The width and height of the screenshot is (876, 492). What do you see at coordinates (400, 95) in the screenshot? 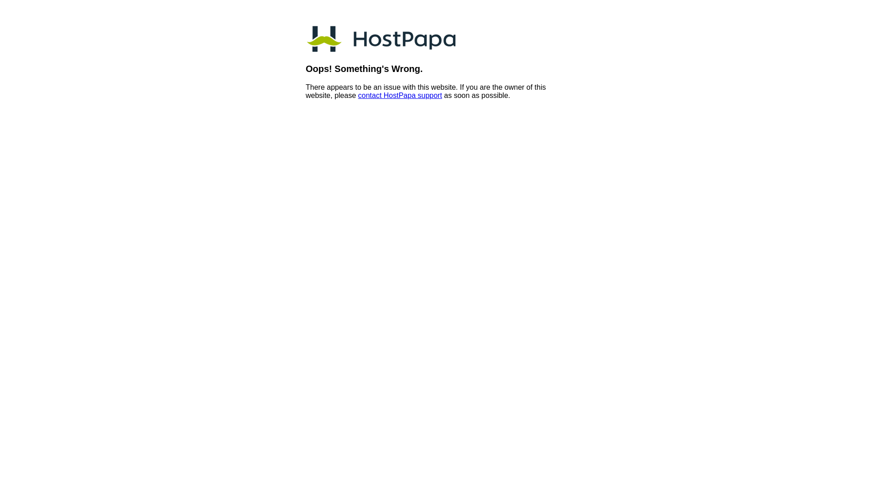
I see `'contact HostPapa support'` at bounding box center [400, 95].